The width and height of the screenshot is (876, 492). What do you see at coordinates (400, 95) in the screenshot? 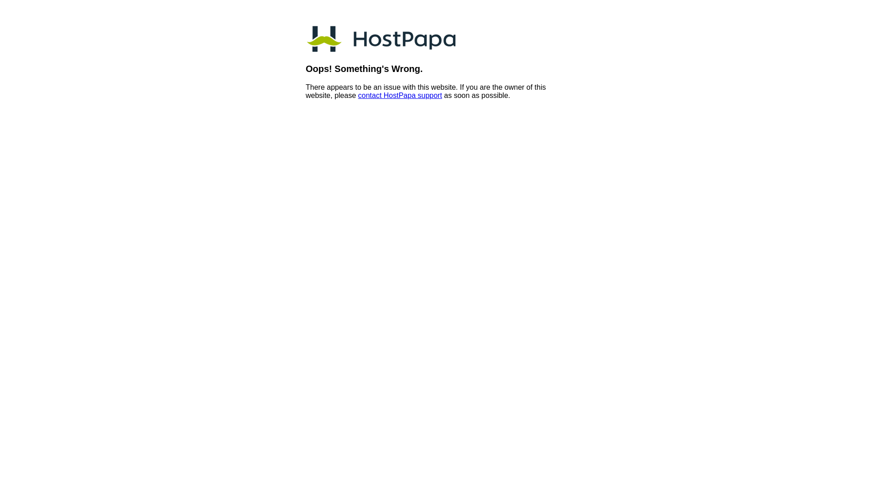
I see `'contact HostPapa support'` at bounding box center [400, 95].